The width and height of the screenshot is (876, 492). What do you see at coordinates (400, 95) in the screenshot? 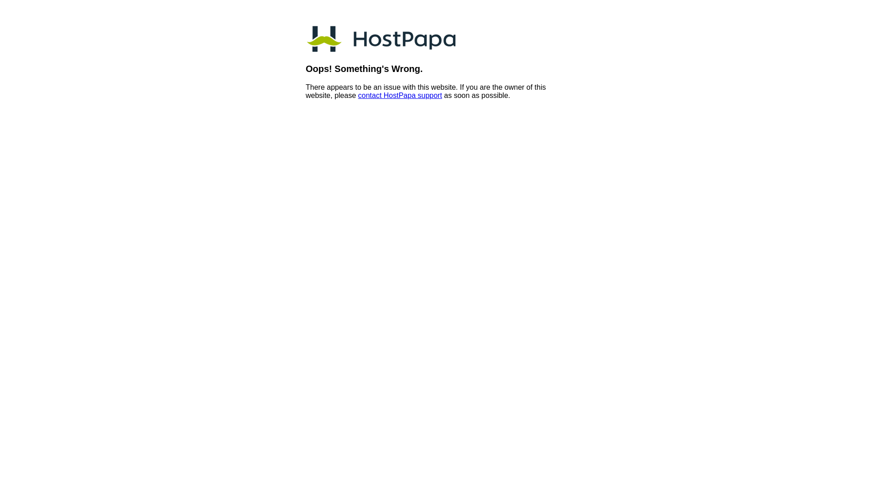
I see `'contact HostPapa support'` at bounding box center [400, 95].